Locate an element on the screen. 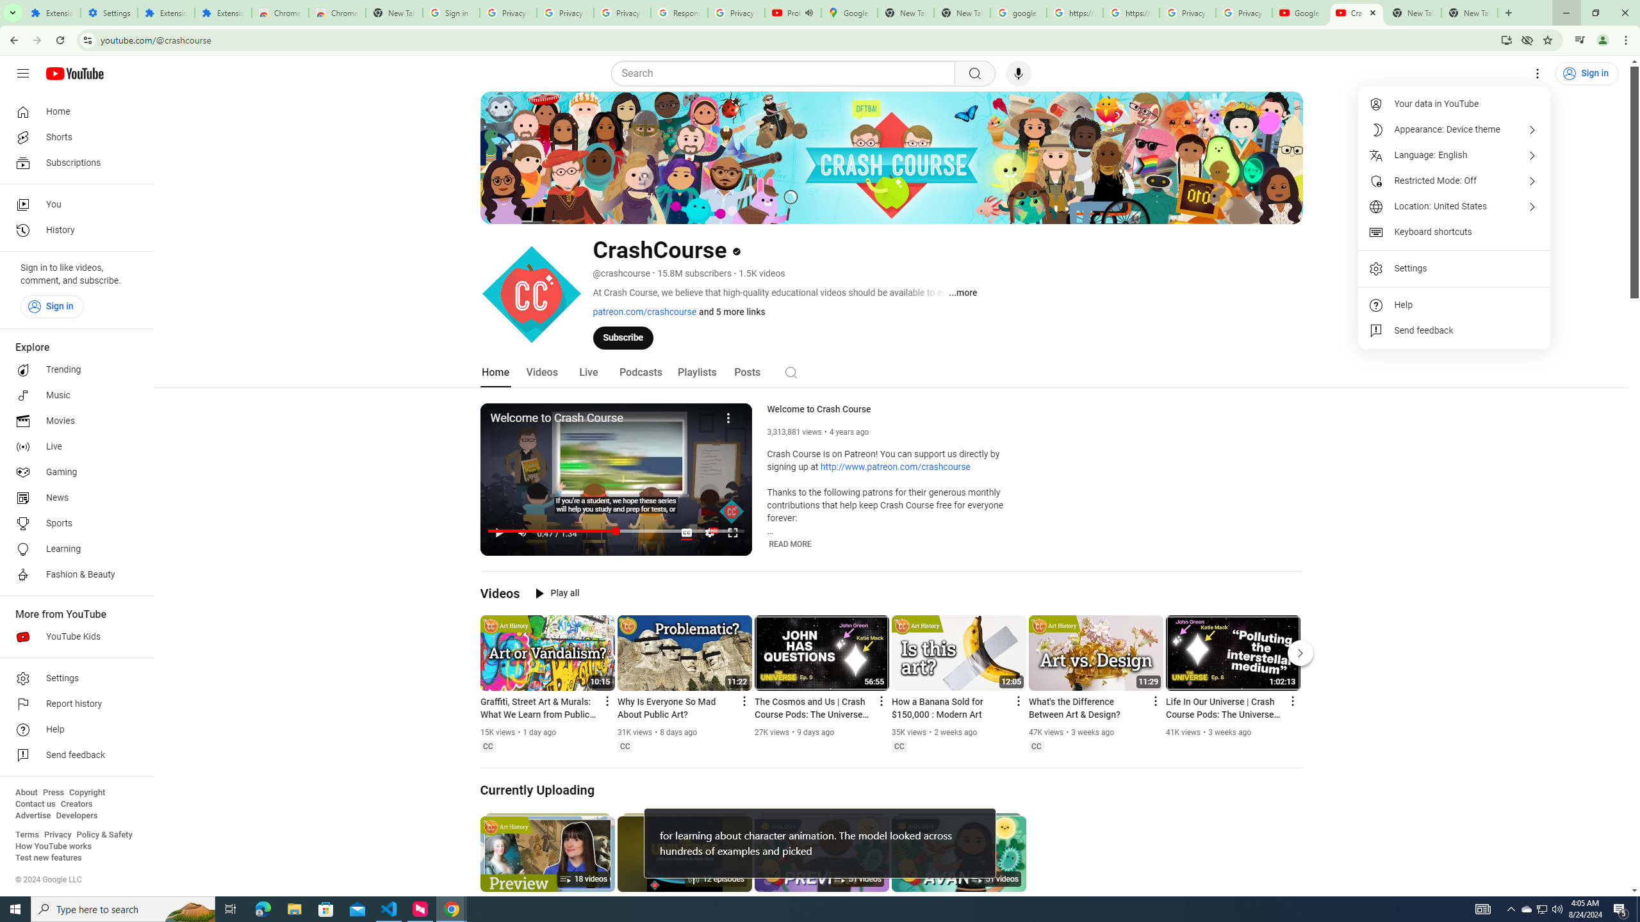 This screenshot has width=1640, height=922. 'Policy & Safety' is located at coordinates (104, 834).